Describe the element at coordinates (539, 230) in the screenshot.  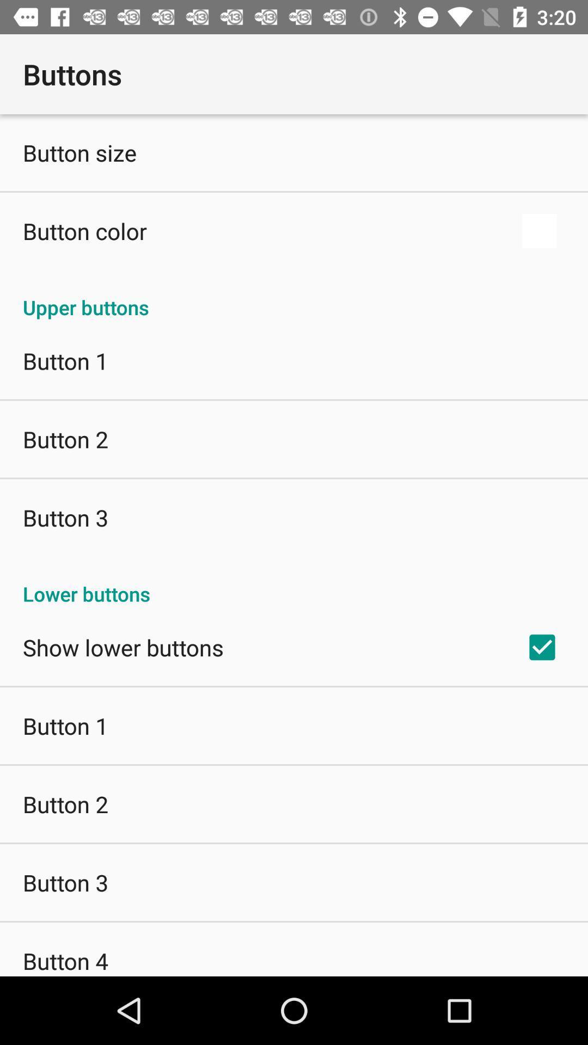
I see `item next to button color item` at that location.